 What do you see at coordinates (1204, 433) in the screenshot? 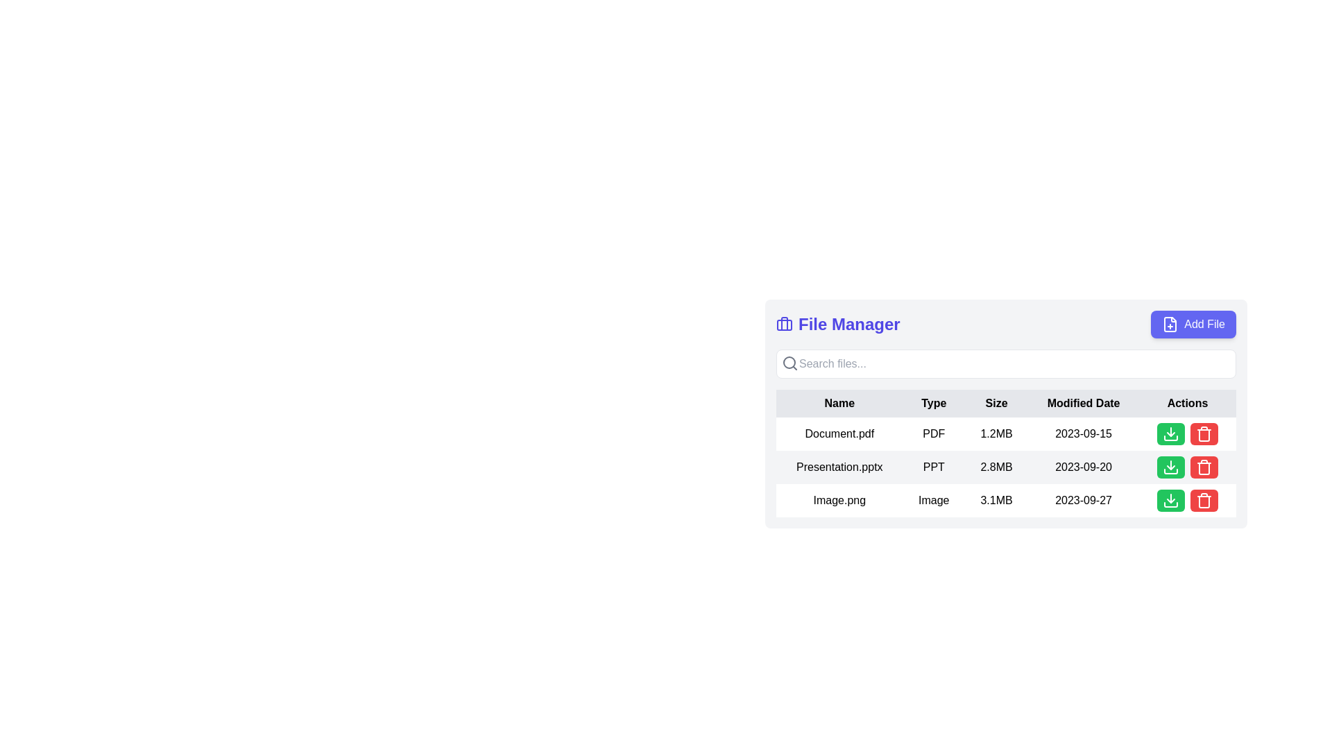
I see `the red trash bin icon button located in the bottom-right part of the interface within the last row of the table under the 'Actions' column` at bounding box center [1204, 433].